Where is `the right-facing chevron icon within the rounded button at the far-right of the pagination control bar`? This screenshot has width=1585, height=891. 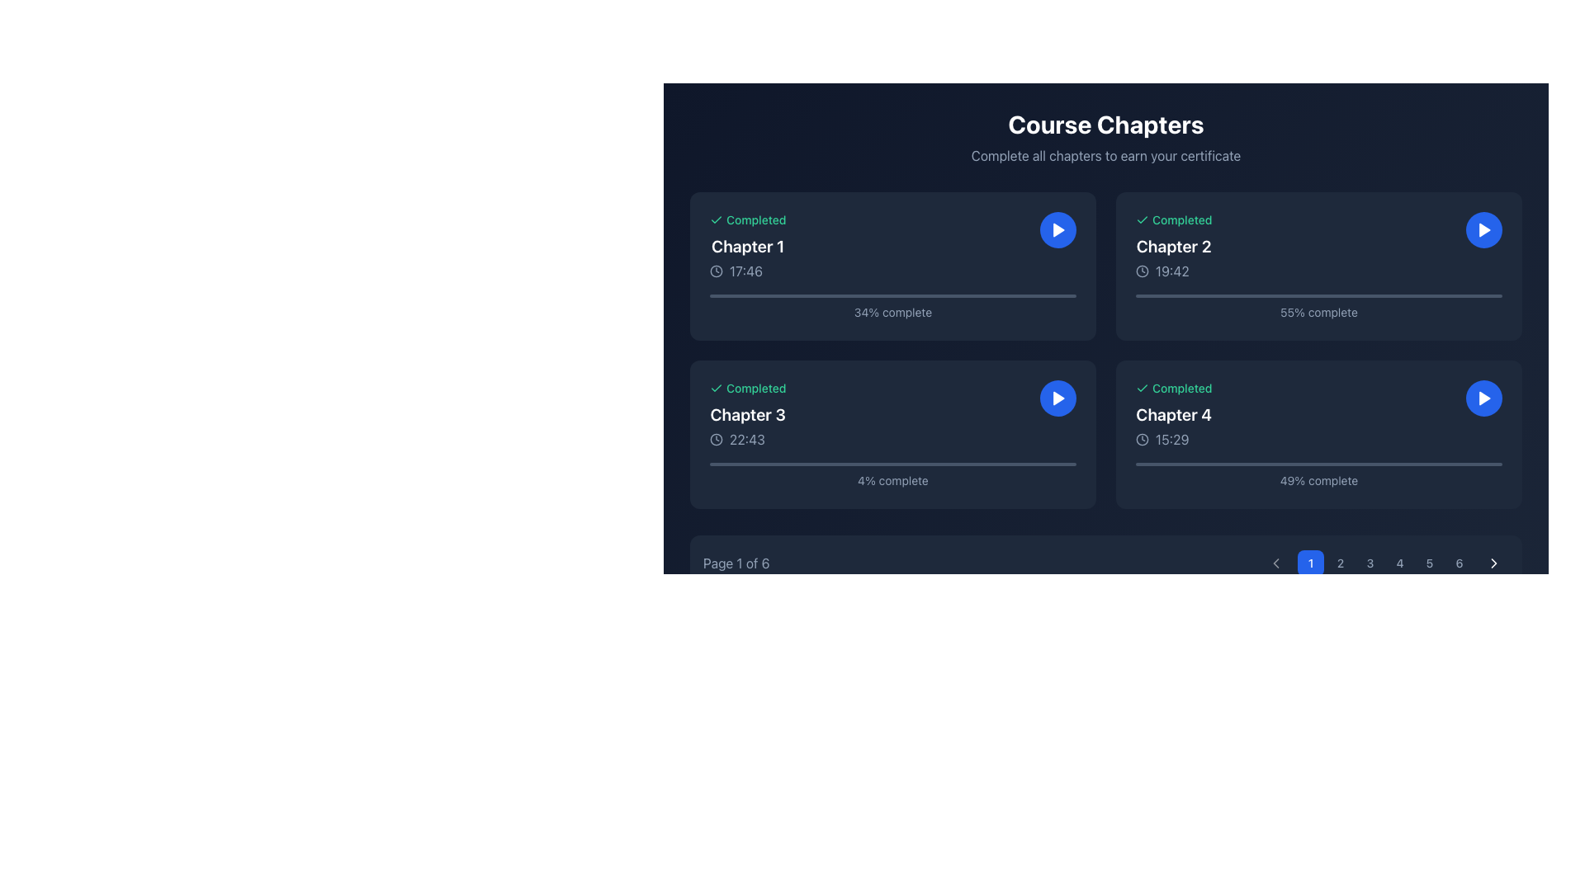
the right-facing chevron icon within the rounded button at the far-right of the pagination control bar is located at coordinates (1493, 562).